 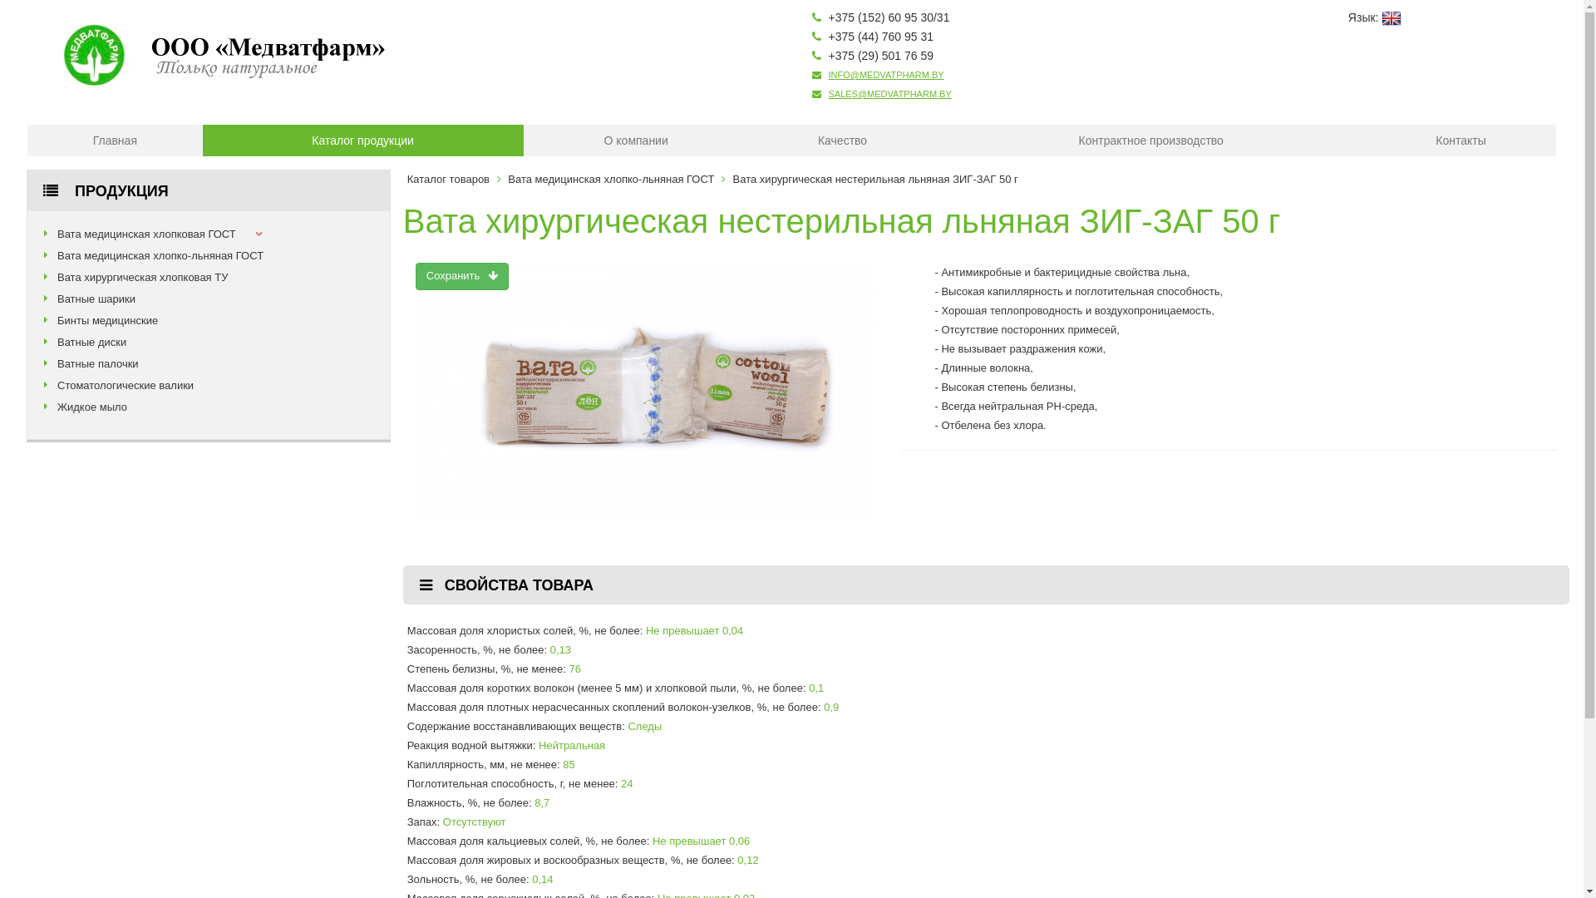 What do you see at coordinates (884, 73) in the screenshot?
I see `'INFO@MEDVATPHARM.BY'` at bounding box center [884, 73].